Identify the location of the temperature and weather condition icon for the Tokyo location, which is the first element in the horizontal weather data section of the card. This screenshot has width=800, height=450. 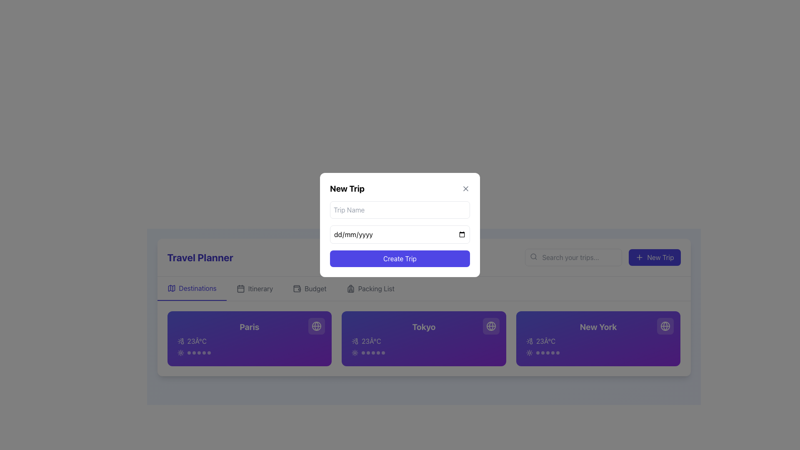
(355, 341).